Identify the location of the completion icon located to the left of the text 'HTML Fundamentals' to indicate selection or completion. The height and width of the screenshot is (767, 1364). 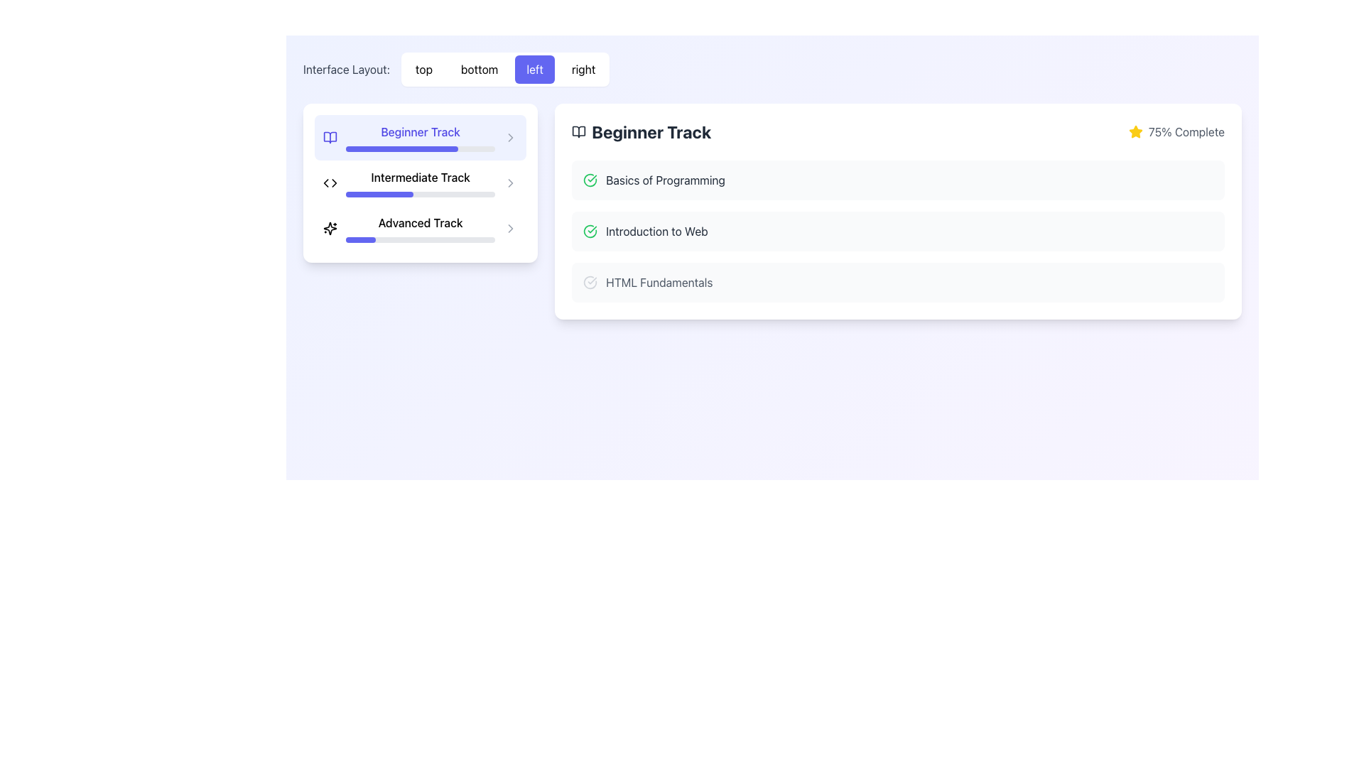
(590, 282).